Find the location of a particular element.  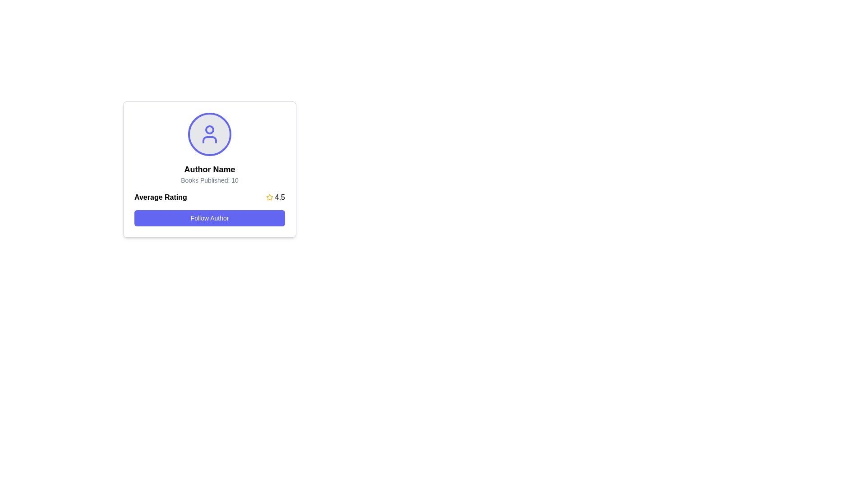

the golden yellow star icon which is positioned to the right of the 'Average Rating' label and numeric value '4.5' is located at coordinates (269, 197).